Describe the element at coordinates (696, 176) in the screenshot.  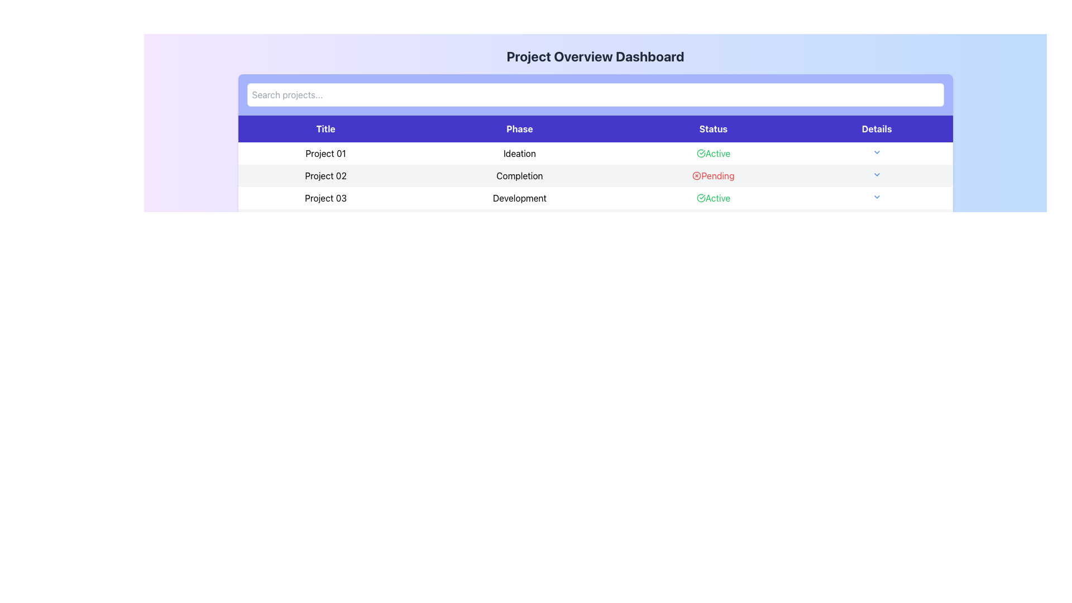
I see `the SVG Circle Element representing the status for 'Project 02', which is located in the Status column and appears before the text 'Pending'` at that location.